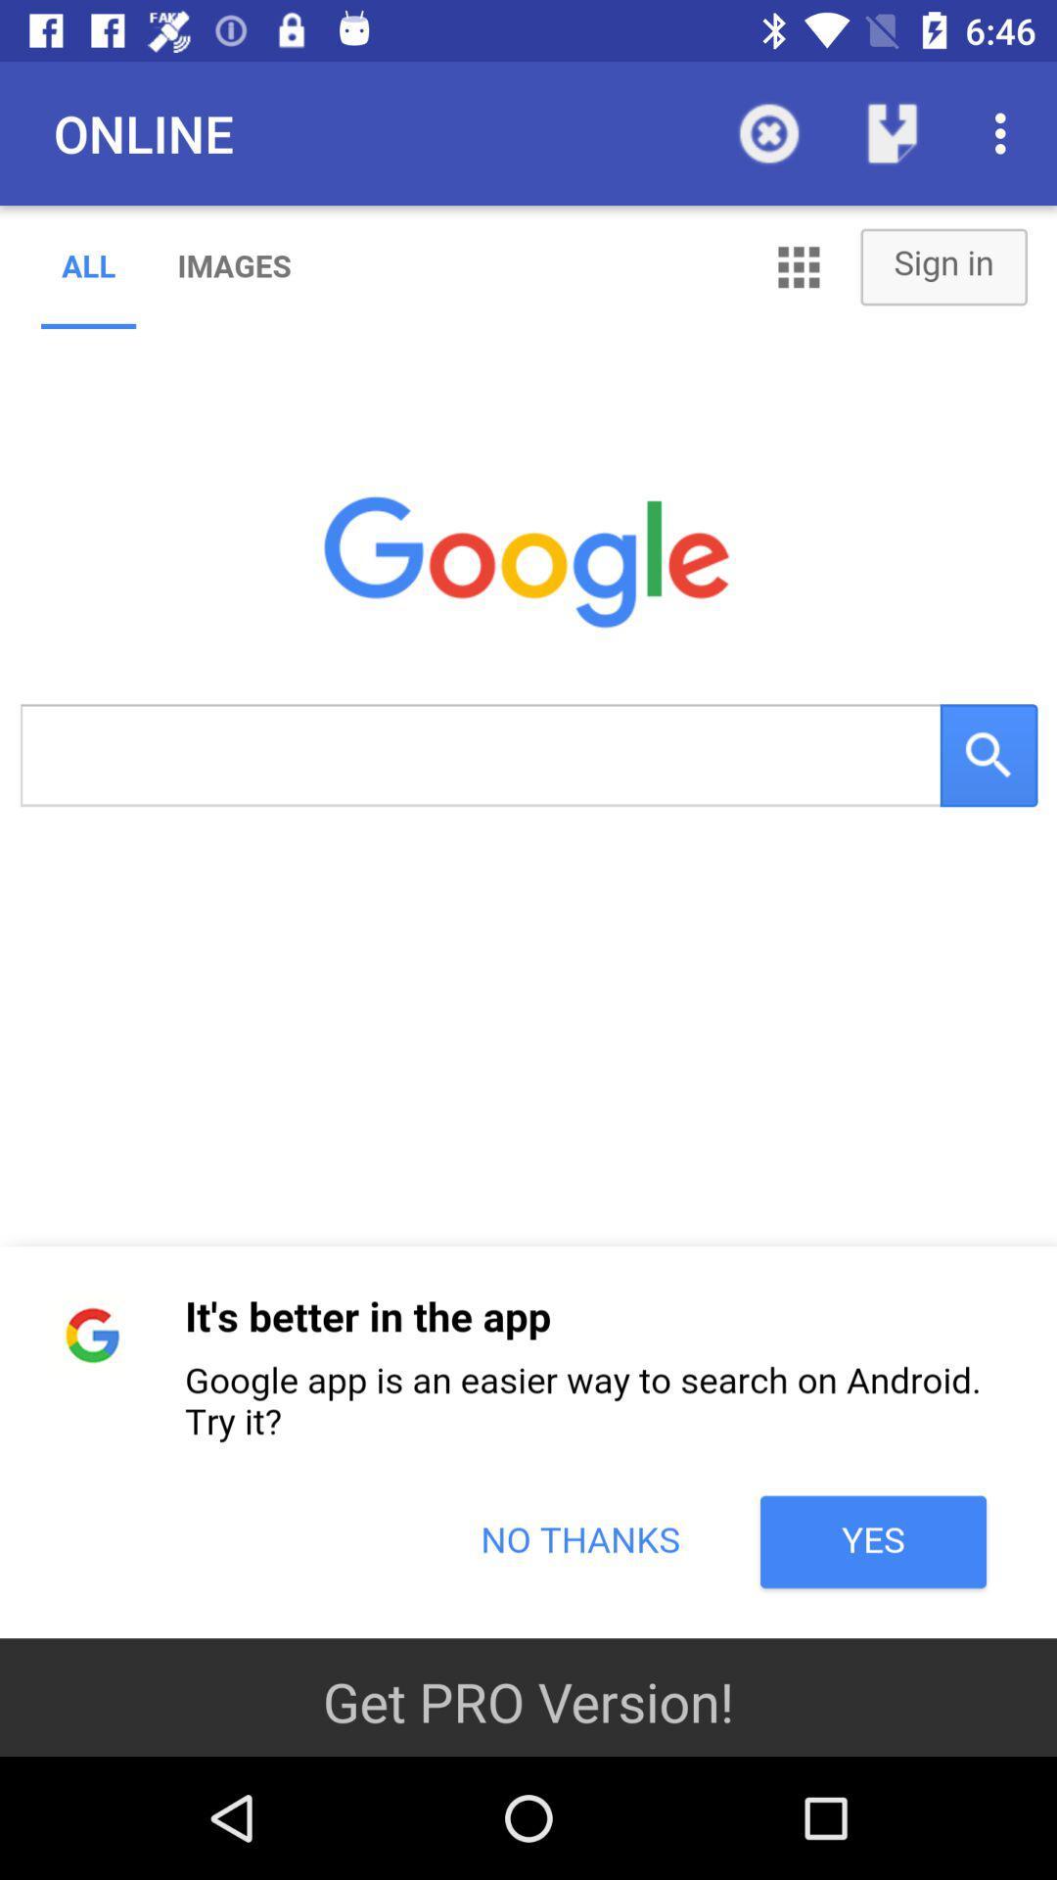 The image size is (1057, 1880). I want to click on google, so click(528, 920).